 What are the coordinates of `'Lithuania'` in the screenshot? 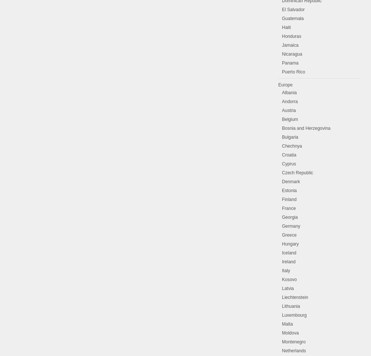 It's located at (291, 306).